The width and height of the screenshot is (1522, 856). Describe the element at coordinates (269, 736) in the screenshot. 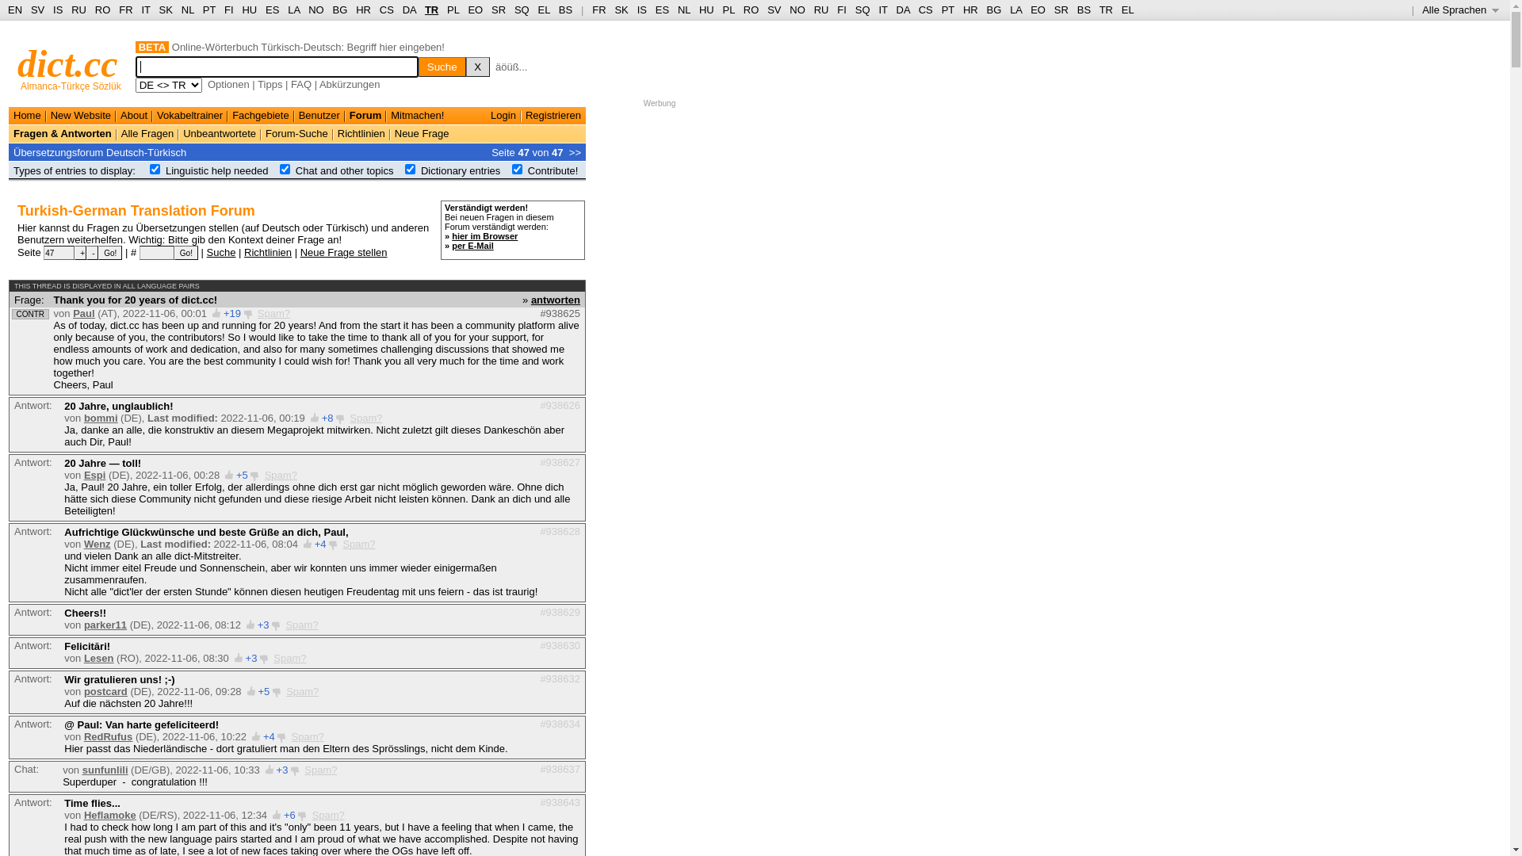

I see `'+4'` at that location.